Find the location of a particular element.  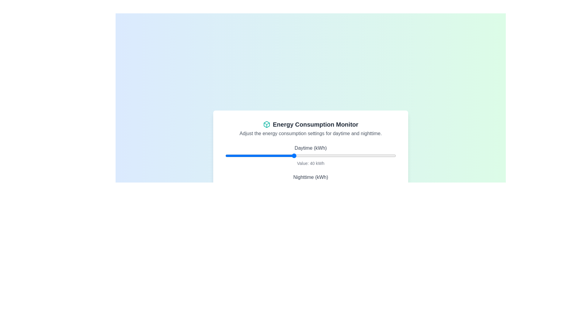

the nighttime energy consumption slider to 46 kWh is located at coordinates (304, 185).